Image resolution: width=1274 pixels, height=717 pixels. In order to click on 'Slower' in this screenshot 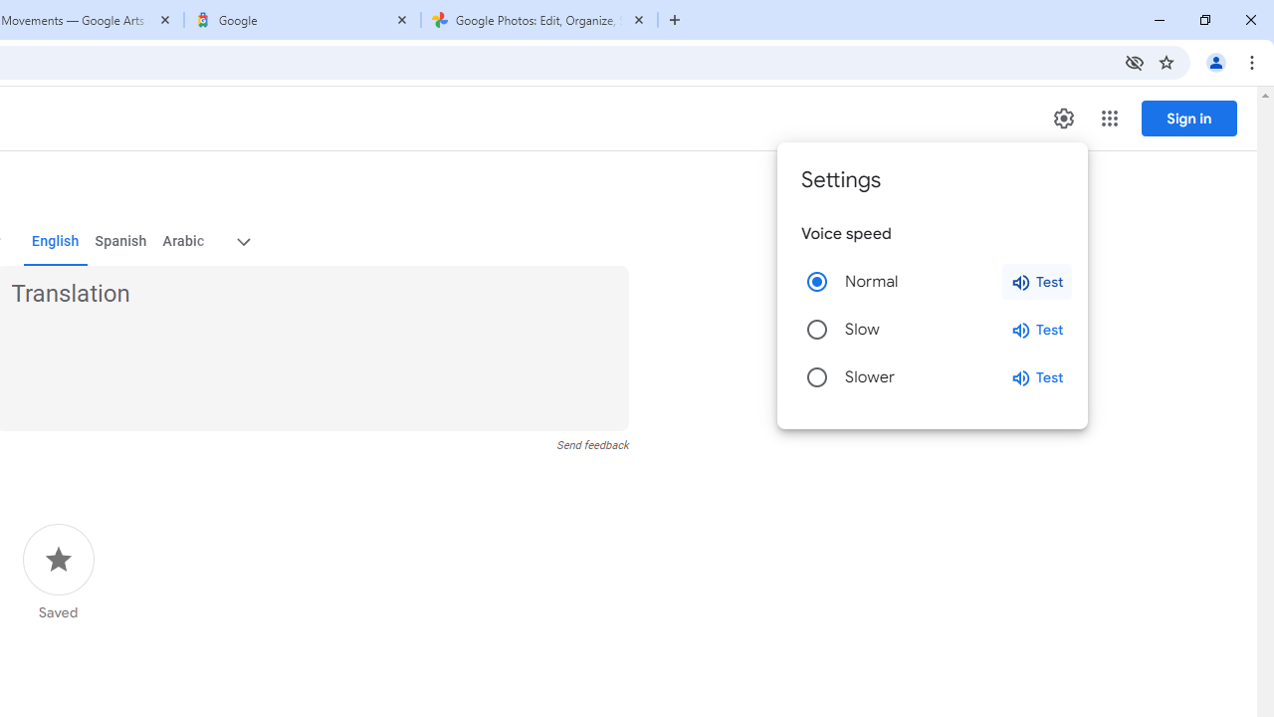, I will do `click(817, 377)`.